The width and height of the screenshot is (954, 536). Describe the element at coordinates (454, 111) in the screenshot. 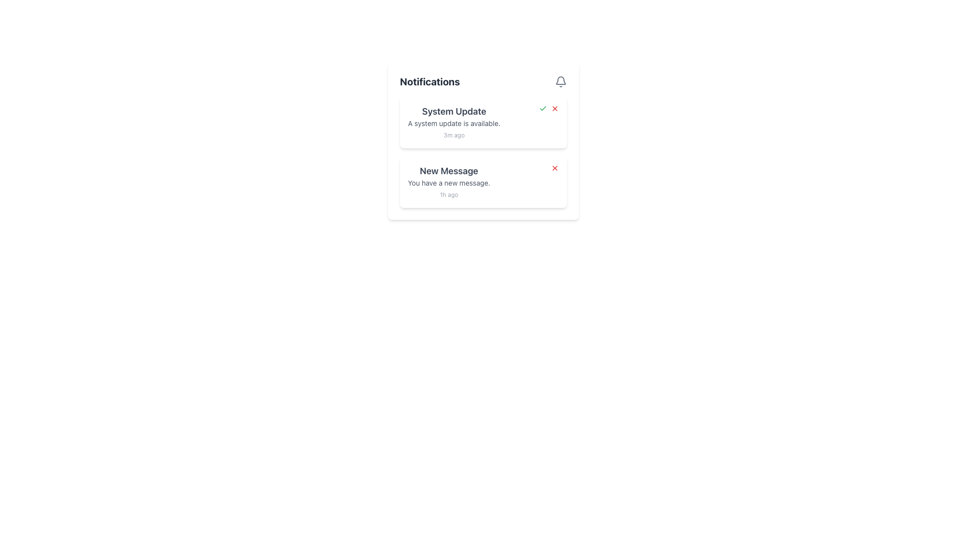

I see `the 'System Update' heading label displayed in bold gray font at the top of the notification block` at that location.